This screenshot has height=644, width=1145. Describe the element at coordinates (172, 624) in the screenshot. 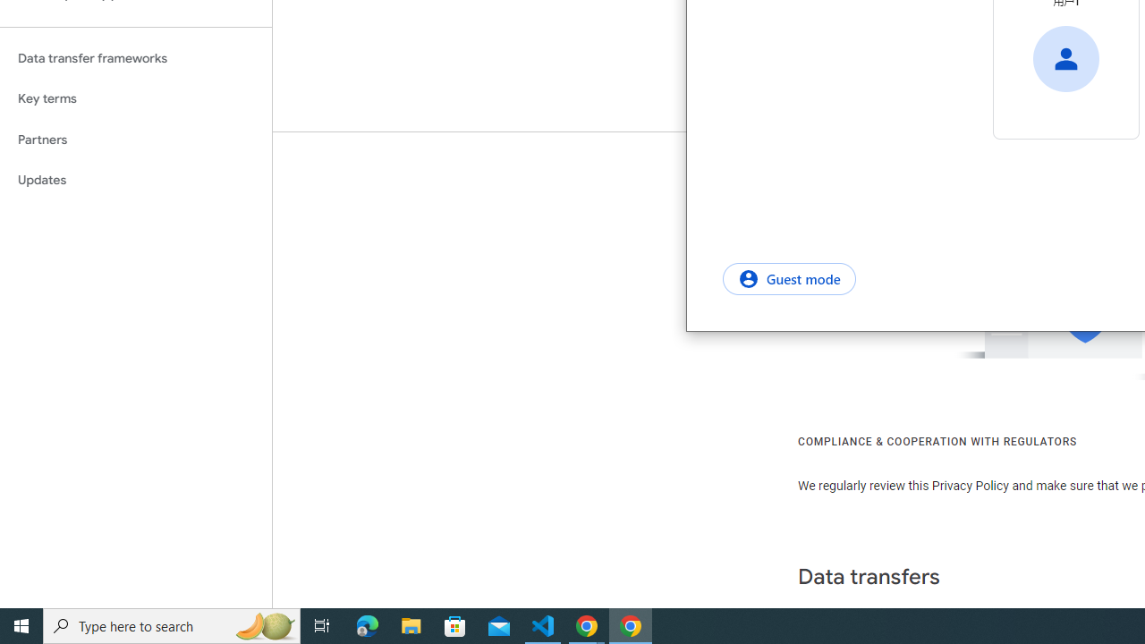

I see `'Type here to search'` at that location.